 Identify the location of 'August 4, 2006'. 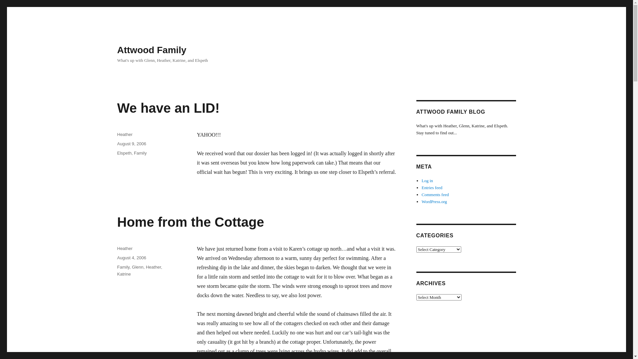
(131, 257).